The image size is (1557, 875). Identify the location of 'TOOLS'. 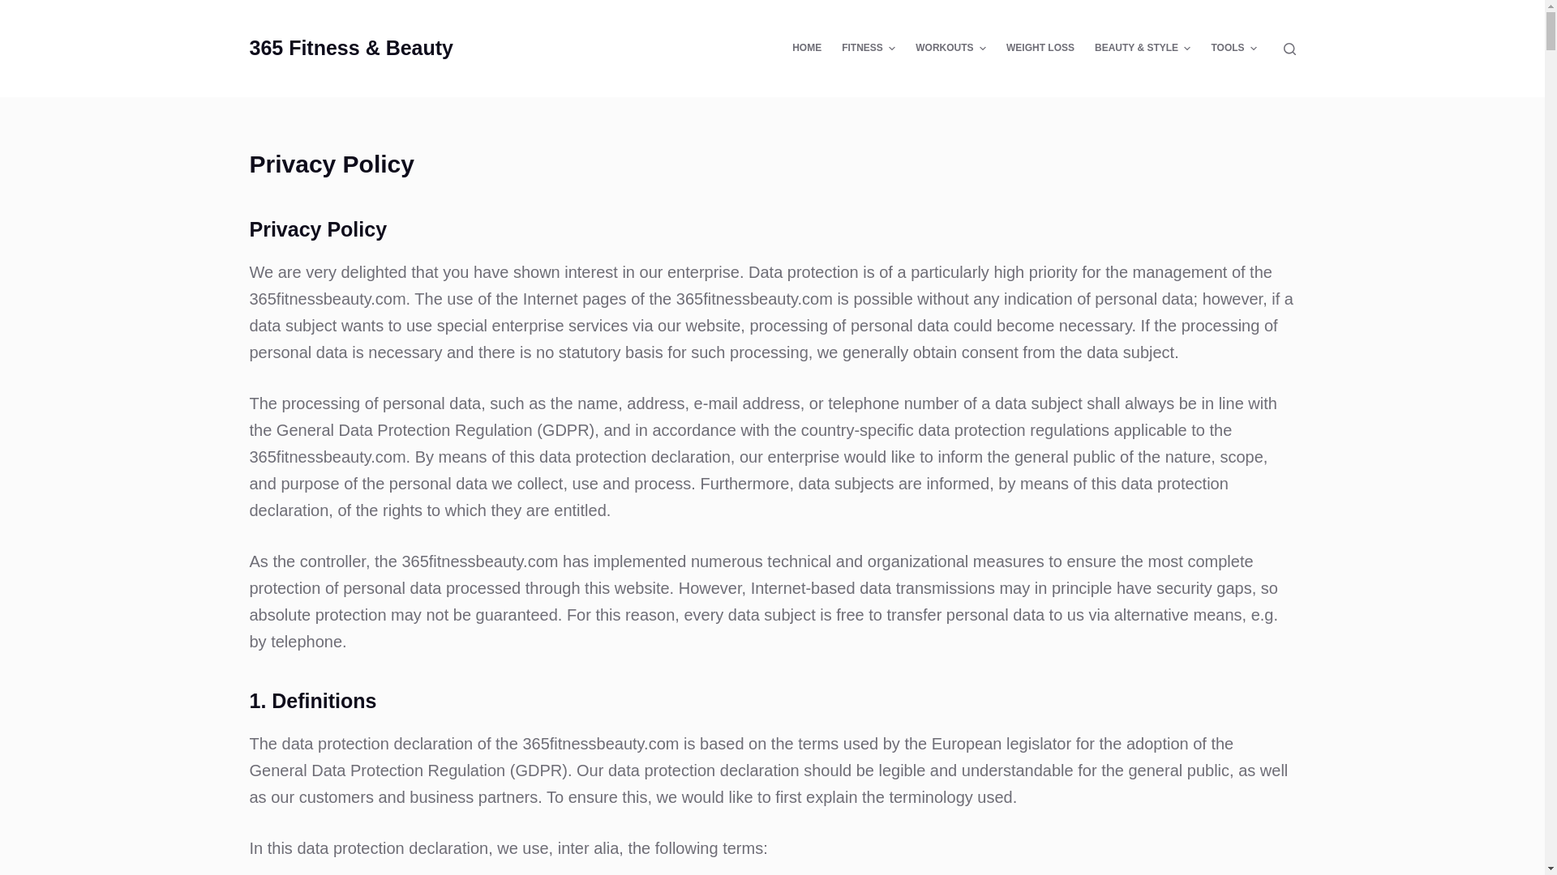
(1201, 48).